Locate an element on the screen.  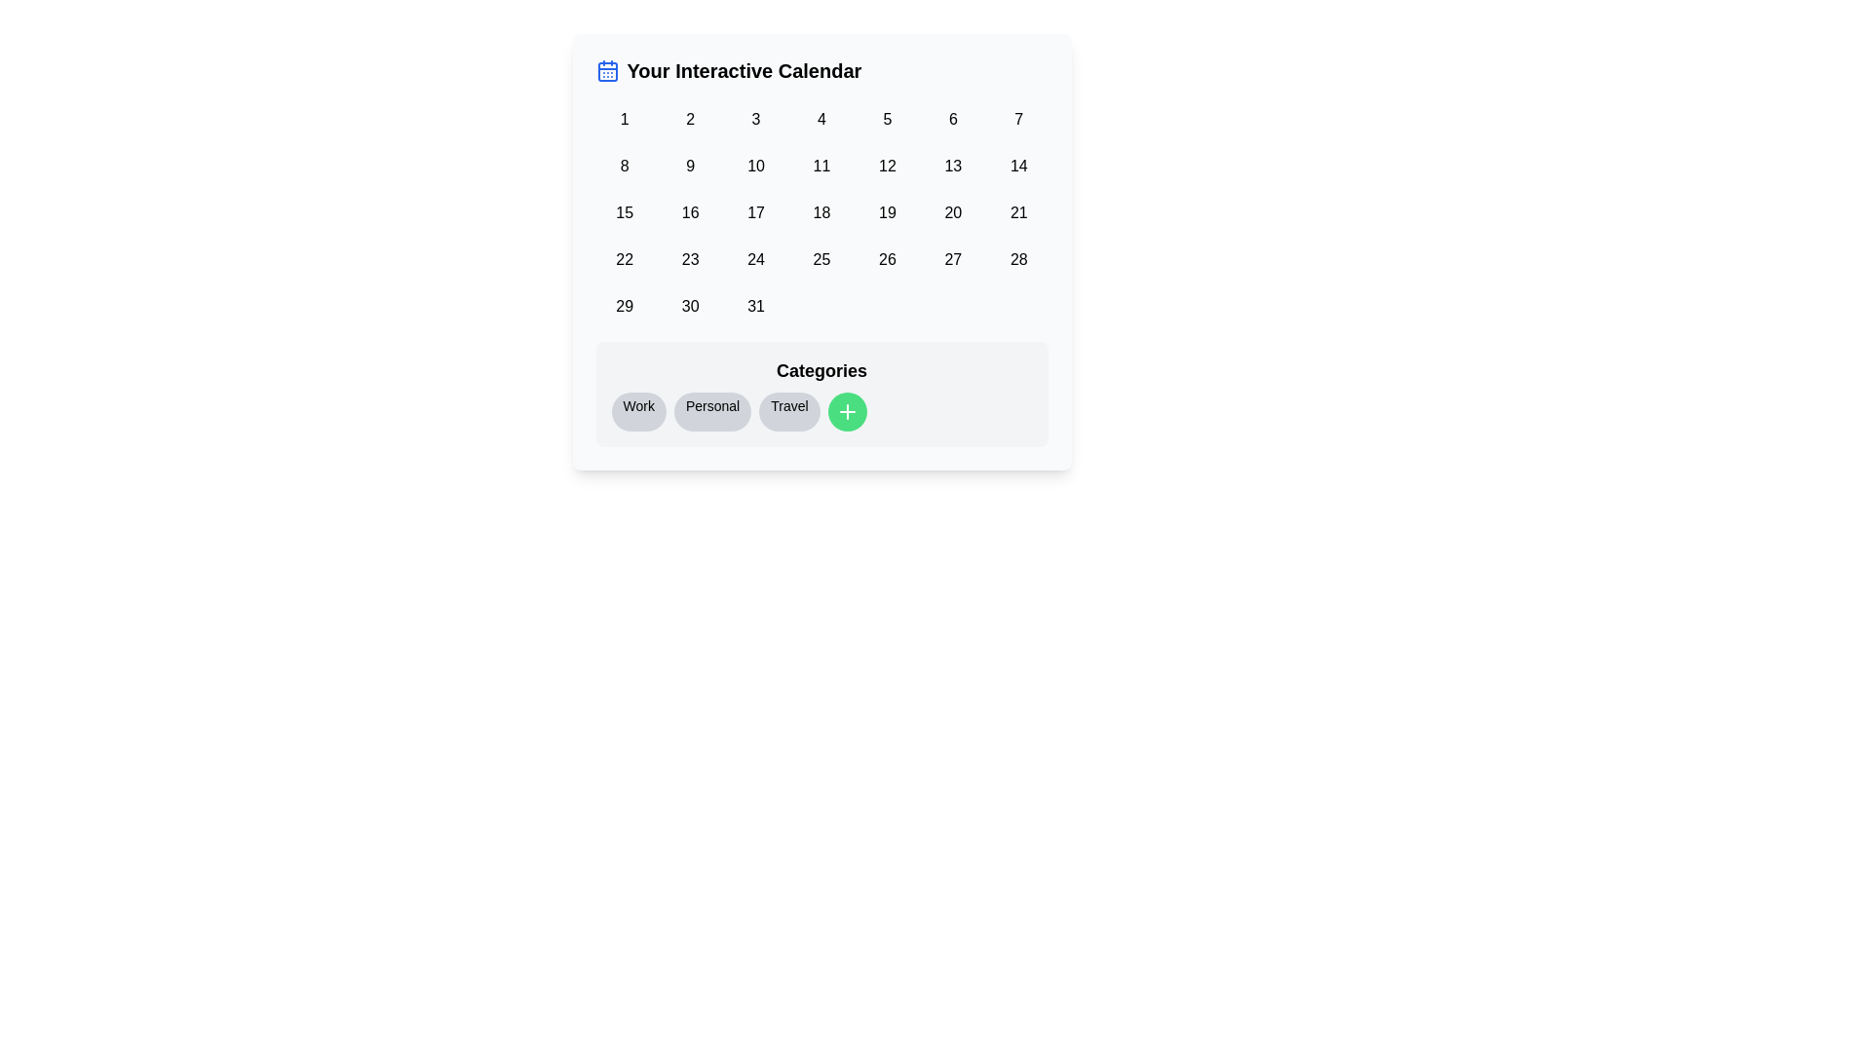
the day 20 button on the calendar interface is located at coordinates (953, 213).